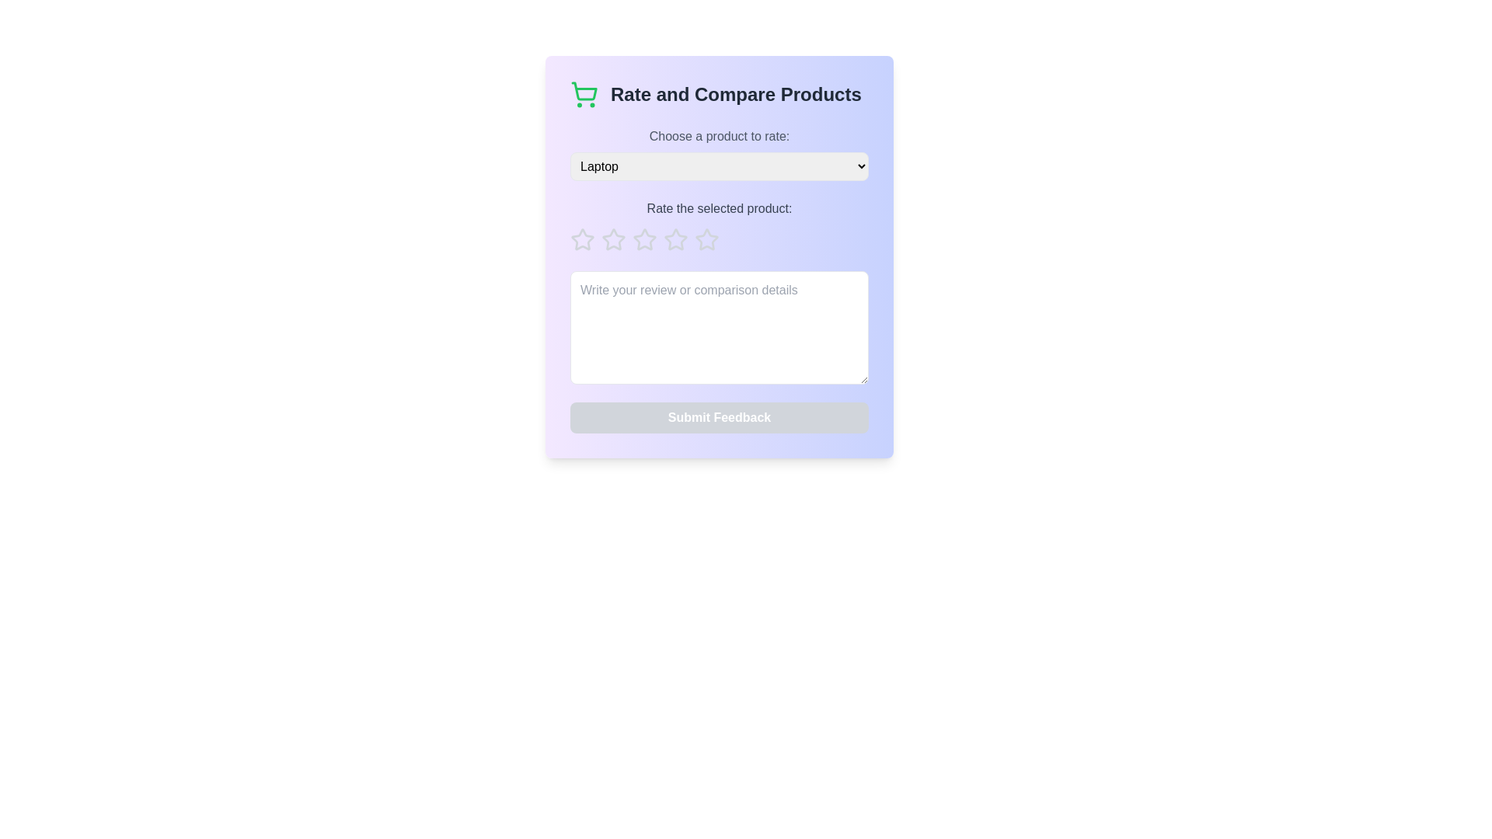 This screenshot has height=839, width=1492. Describe the element at coordinates (584, 91) in the screenshot. I see `the green outline shopping cart icon located above the 'Rate and Compare Products' title text` at that location.